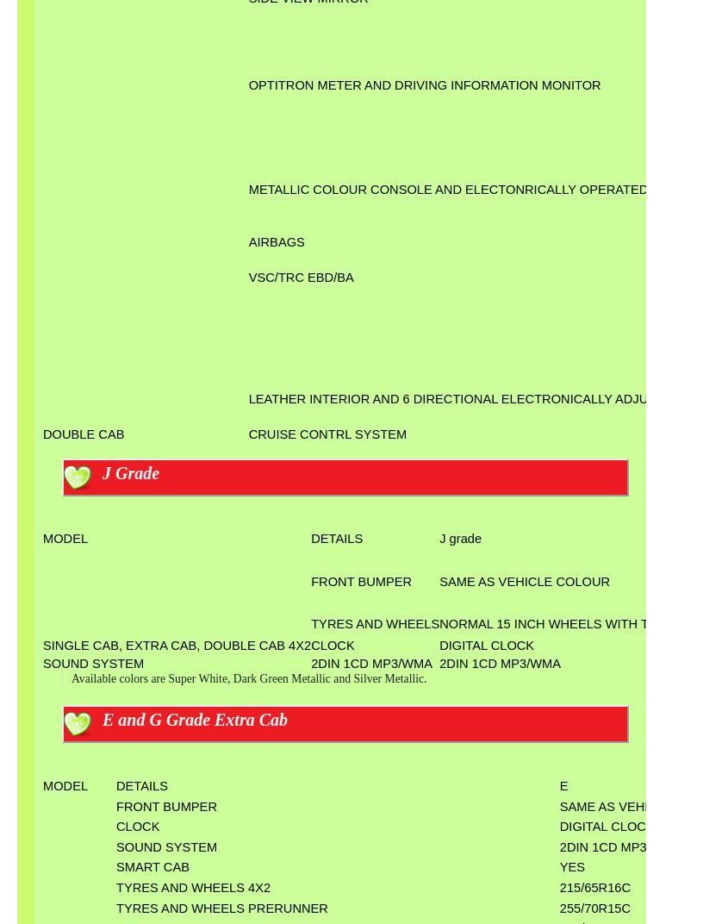  What do you see at coordinates (326, 433) in the screenshot?
I see `'CRUISE 
							   CONTRL SYSTEM'` at bounding box center [326, 433].